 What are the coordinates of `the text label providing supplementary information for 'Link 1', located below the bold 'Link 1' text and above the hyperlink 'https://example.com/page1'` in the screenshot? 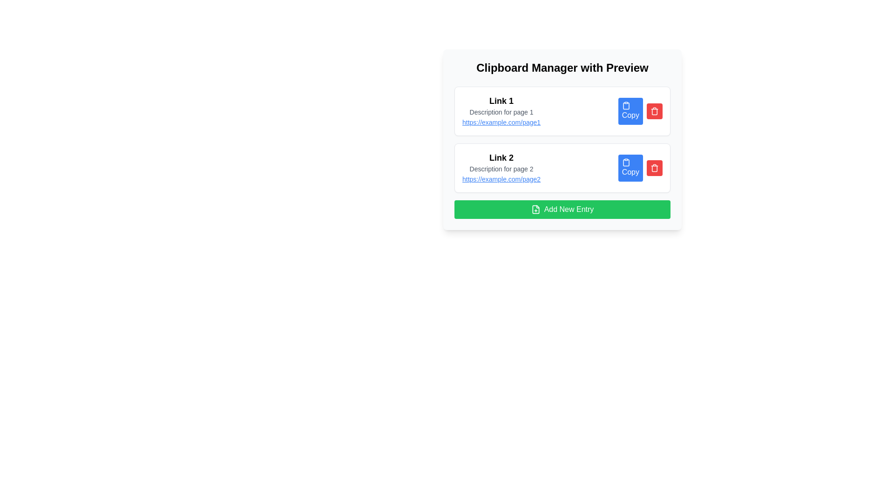 It's located at (501, 111).